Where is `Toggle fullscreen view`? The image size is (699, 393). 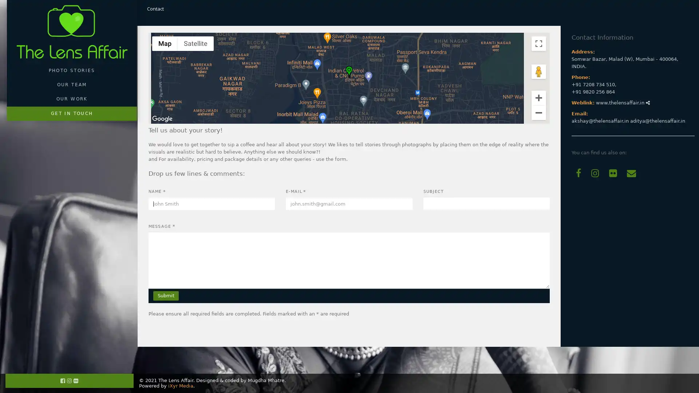
Toggle fullscreen view is located at coordinates (538, 43).